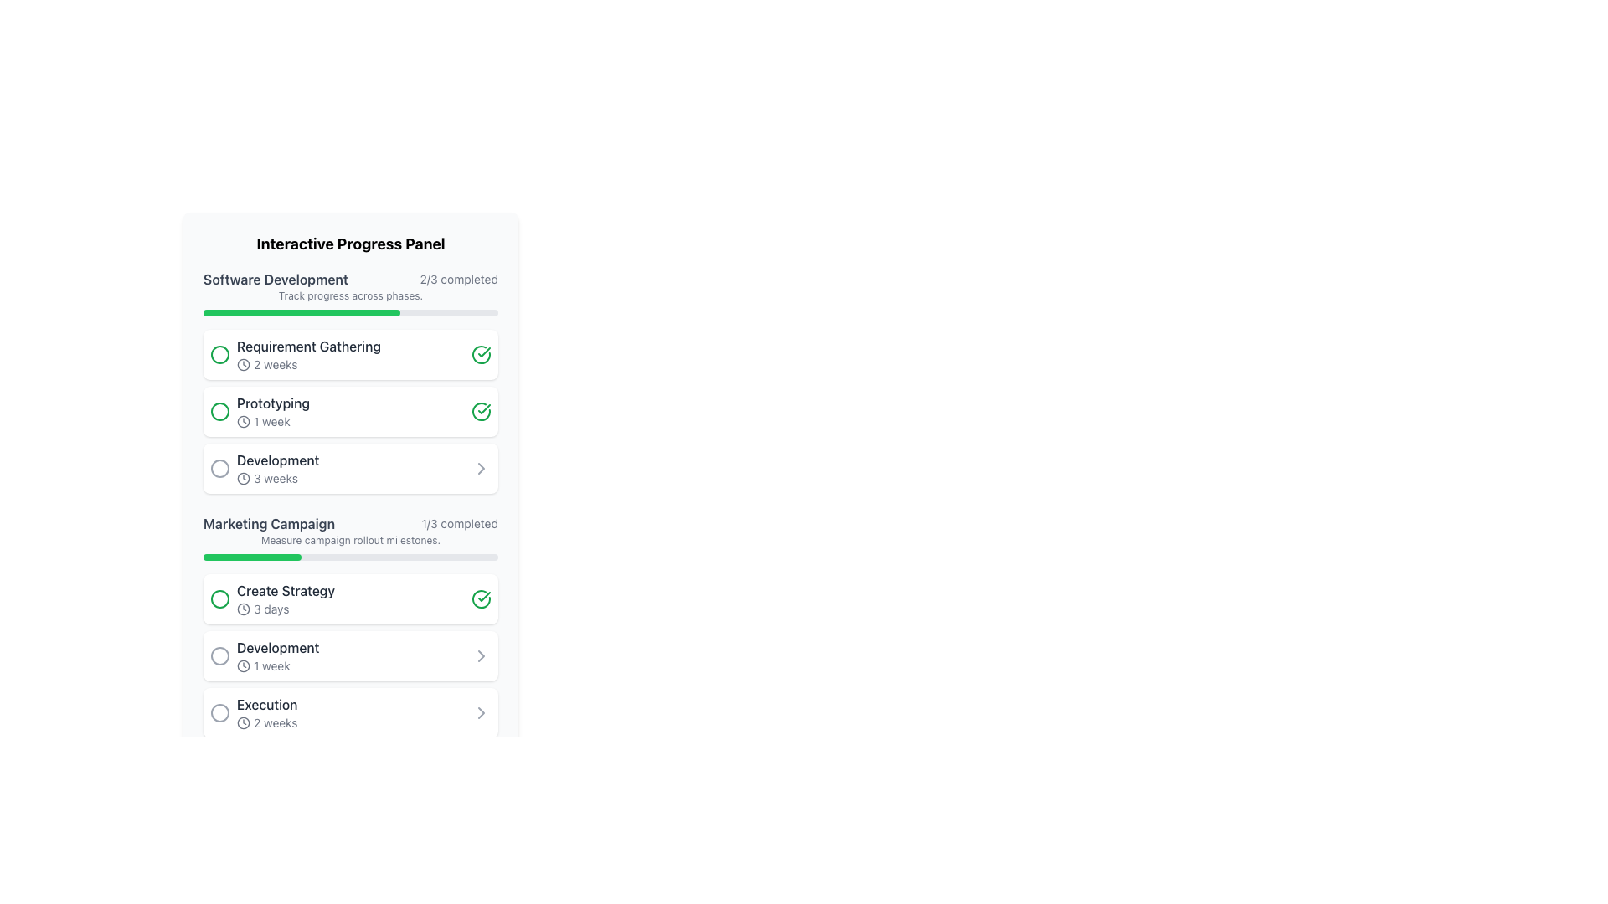  What do you see at coordinates (301, 313) in the screenshot?
I see `the Progress Indicator Bar located under the 'Software Development' header, which visually represents the task completion progress` at bounding box center [301, 313].